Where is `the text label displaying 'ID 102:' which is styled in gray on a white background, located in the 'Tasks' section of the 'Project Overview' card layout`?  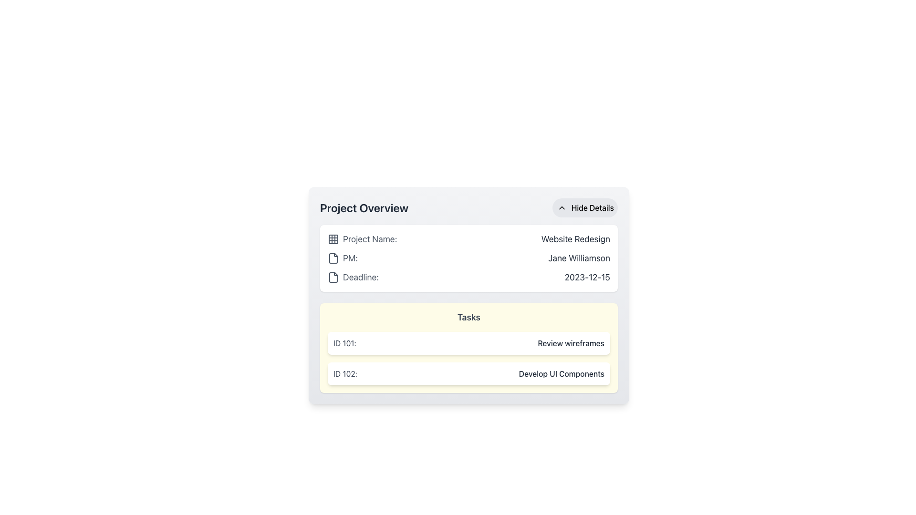
the text label displaying 'ID 102:' which is styled in gray on a white background, located in the 'Tasks' section of the 'Project Overview' card layout is located at coordinates (345, 373).